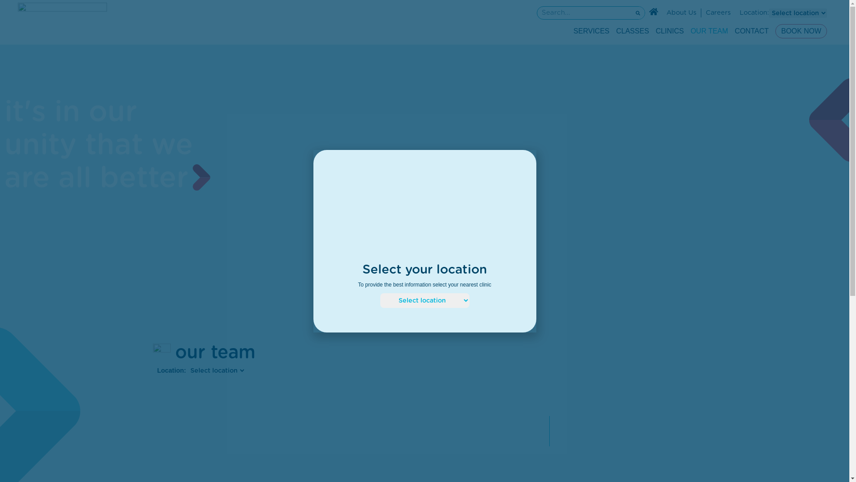  What do you see at coordinates (631, 13) in the screenshot?
I see `'Search'` at bounding box center [631, 13].